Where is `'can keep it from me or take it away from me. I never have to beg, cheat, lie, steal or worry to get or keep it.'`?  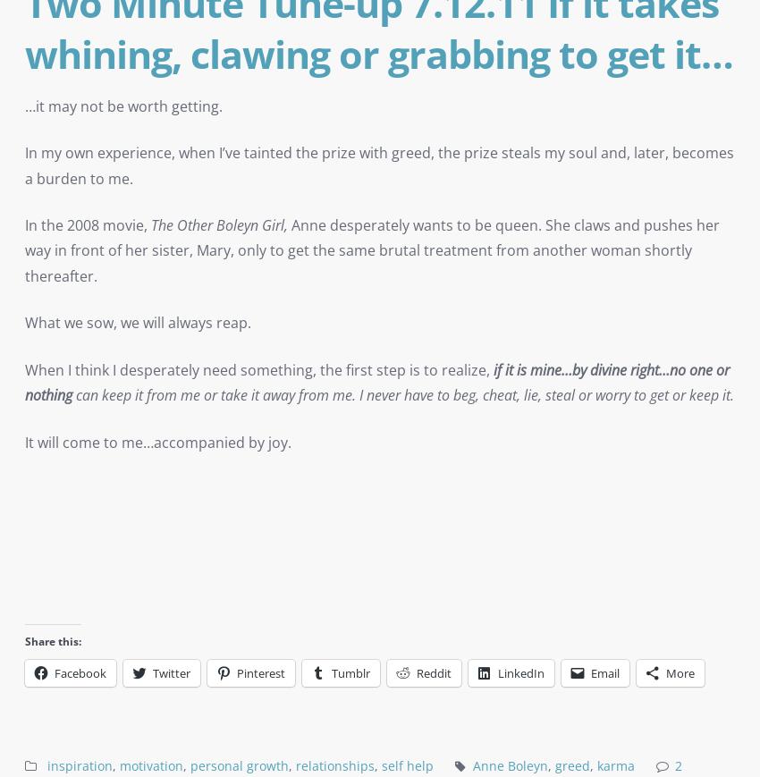 'can keep it from me or take it away from me. I never have to beg, cheat, lie, steal or worry to get or keep it.' is located at coordinates (402, 394).